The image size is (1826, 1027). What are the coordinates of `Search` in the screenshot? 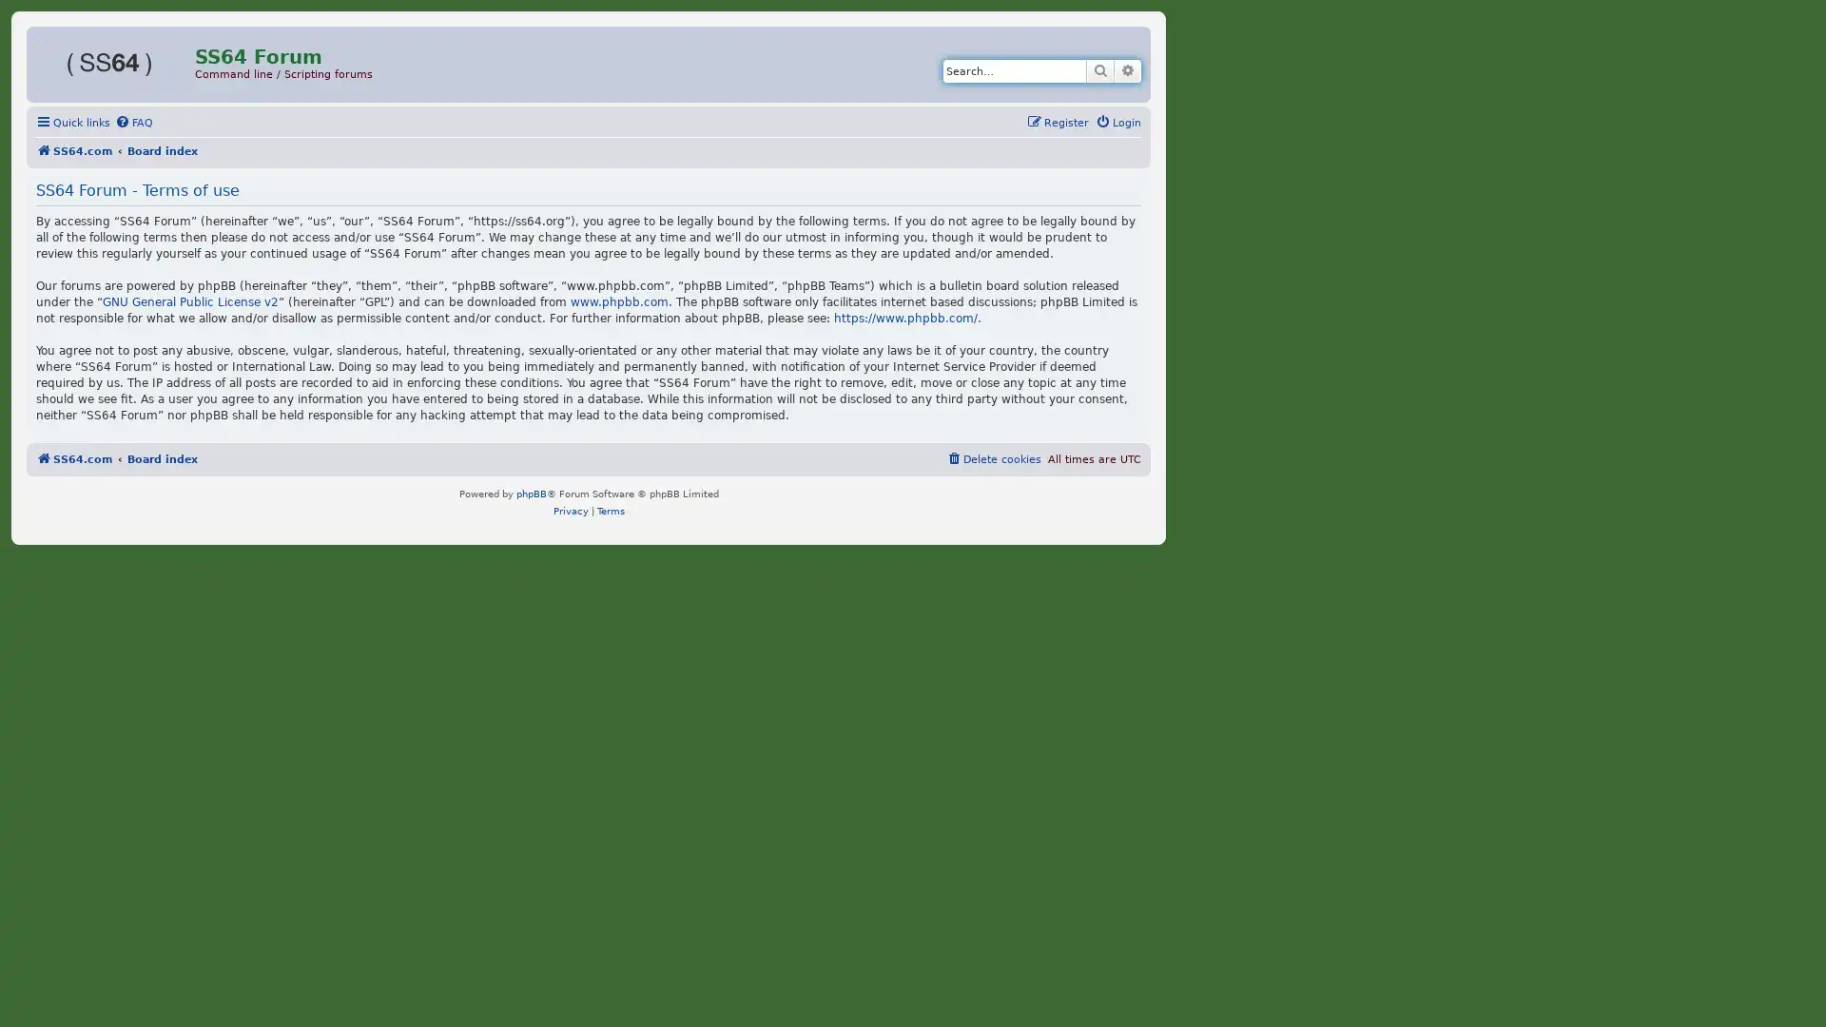 It's located at (1099, 69).